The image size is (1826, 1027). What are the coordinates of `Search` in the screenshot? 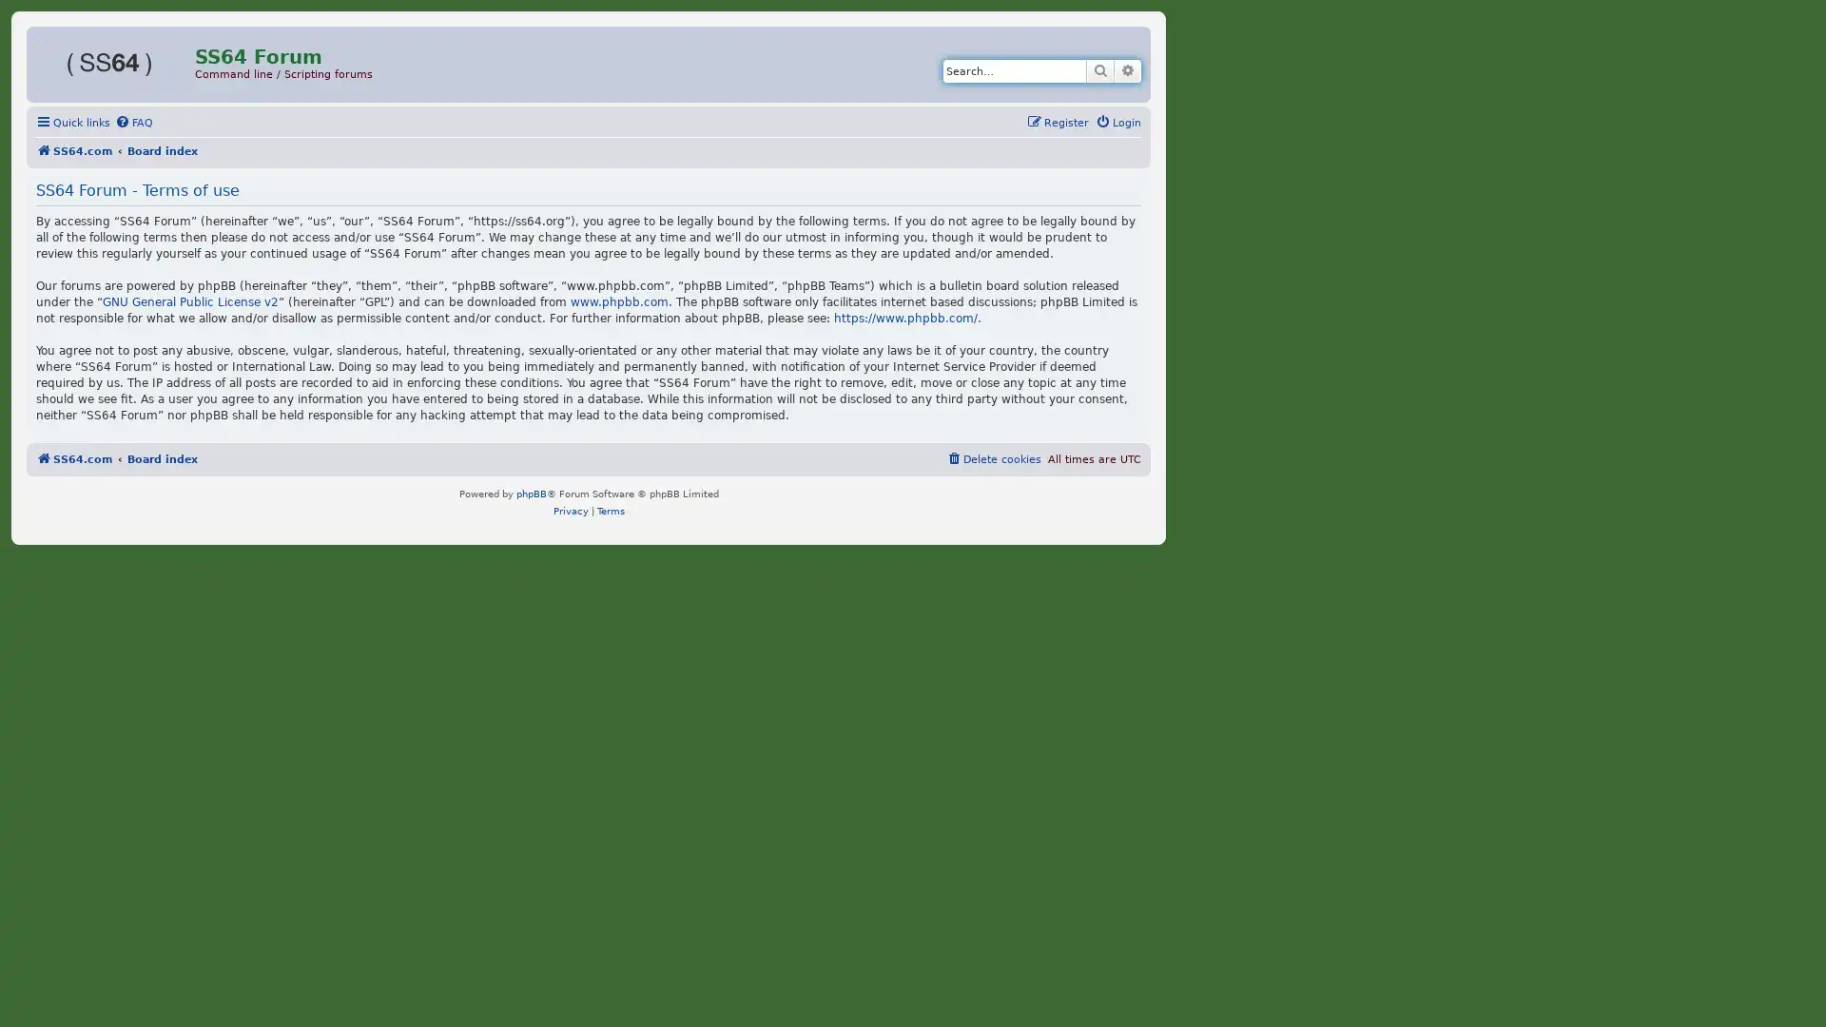 It's located at (1099, 69).